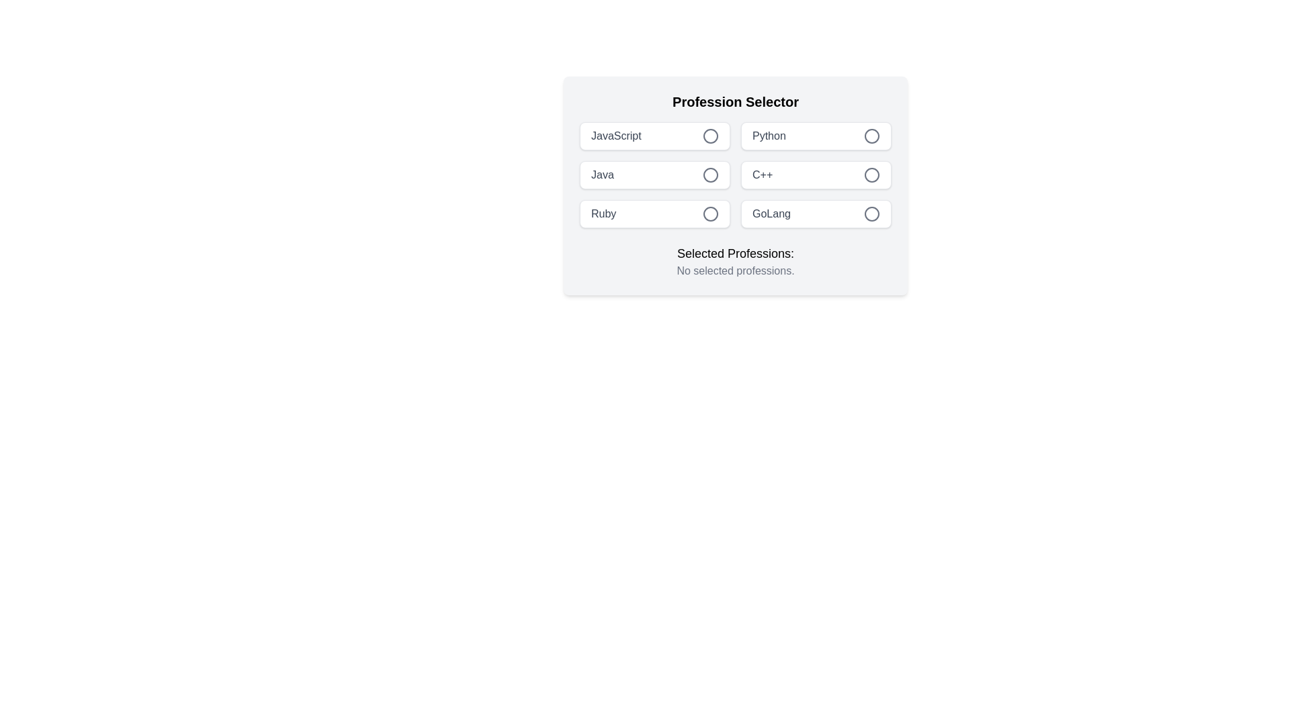  What do you see at coordinates (709, 175) in the screenshot?
I see `the radio button for the 'Java' option, which is a circular icon with a thin gray border, located in the second row, first column of the options grid` at bounding box center [709, 175].